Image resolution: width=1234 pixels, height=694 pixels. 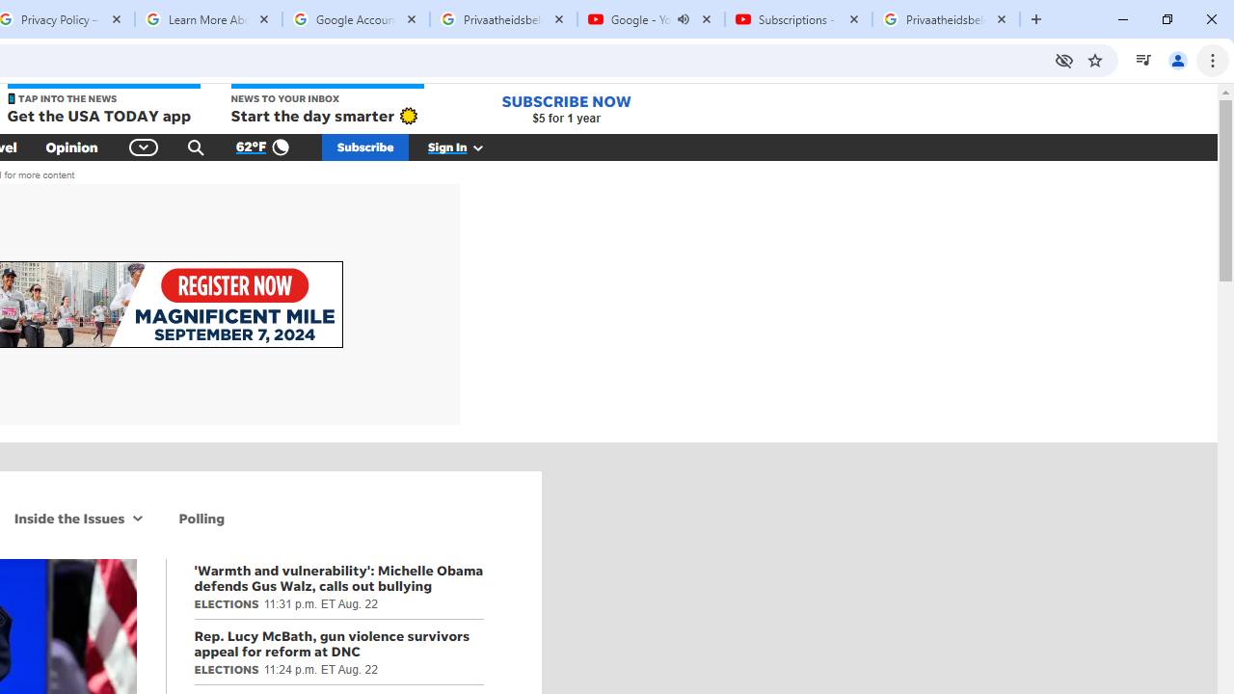 What do you see at coordinates (466, 147) in the screenshot?
I see `'Sign In'` at bounding box center [466, 147].